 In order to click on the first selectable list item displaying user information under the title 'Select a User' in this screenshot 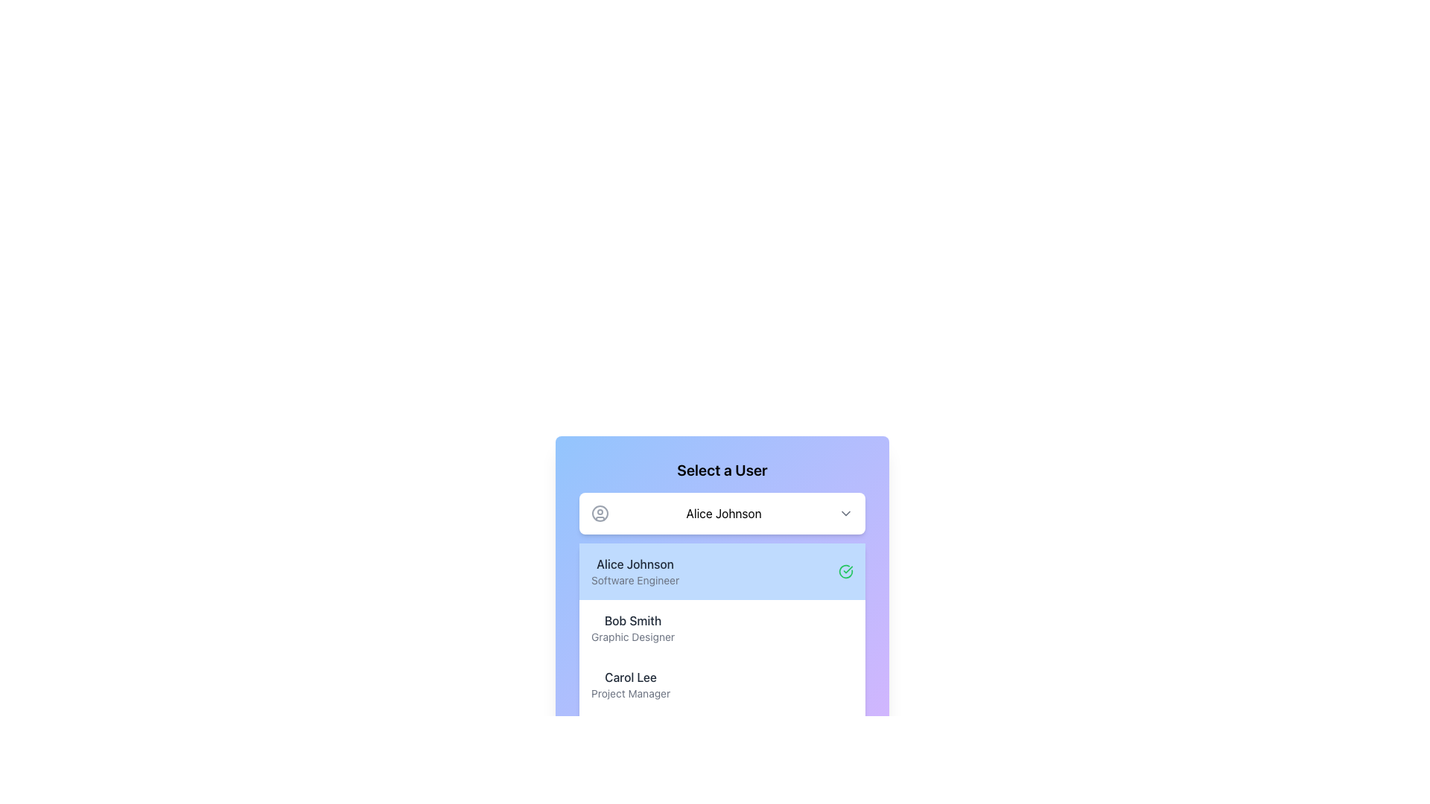, I will do `click(635, 570)`.